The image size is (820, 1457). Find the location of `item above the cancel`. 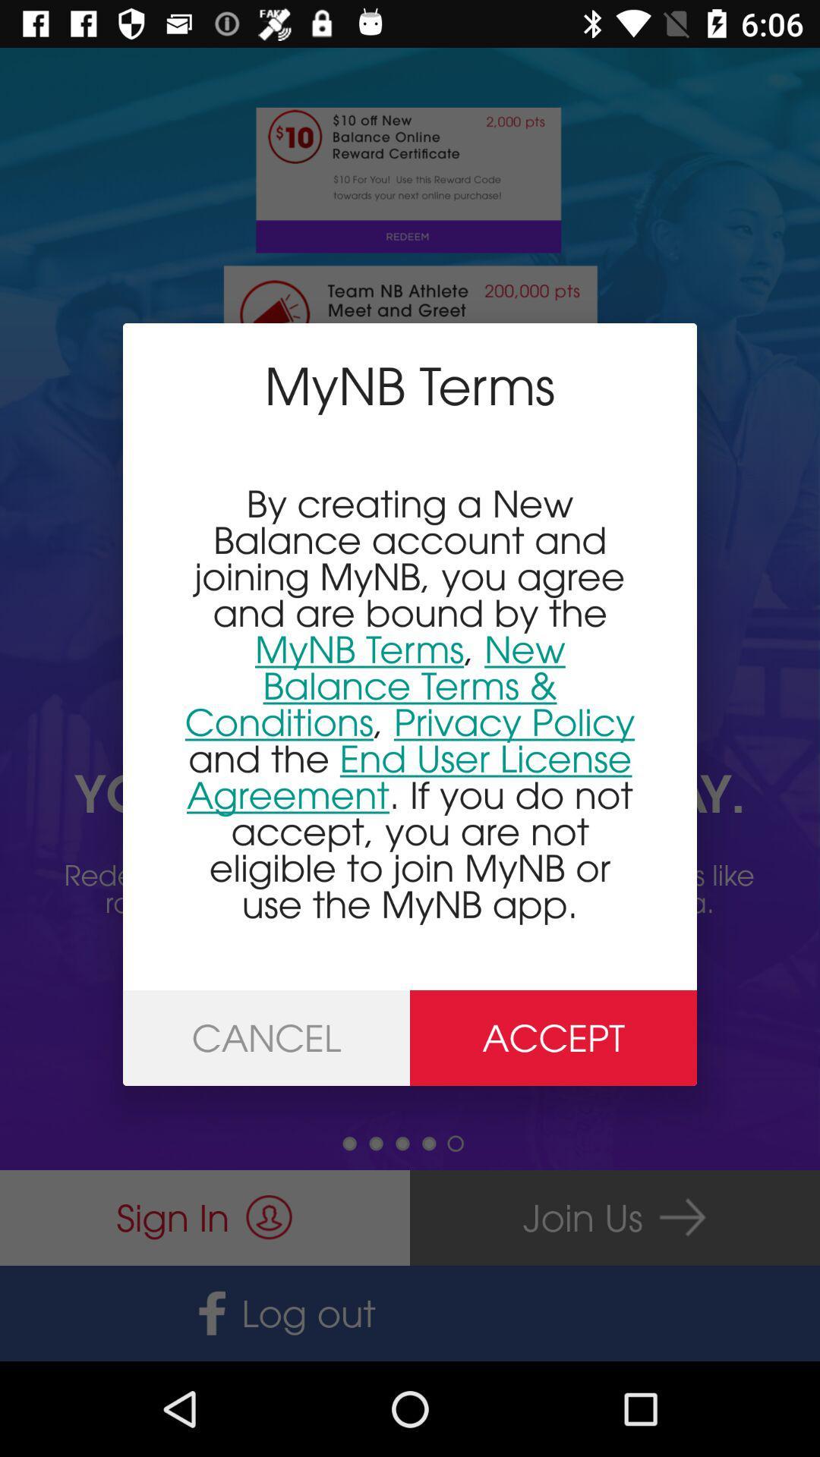

item above the cancel is located at coordinates (410, 703).